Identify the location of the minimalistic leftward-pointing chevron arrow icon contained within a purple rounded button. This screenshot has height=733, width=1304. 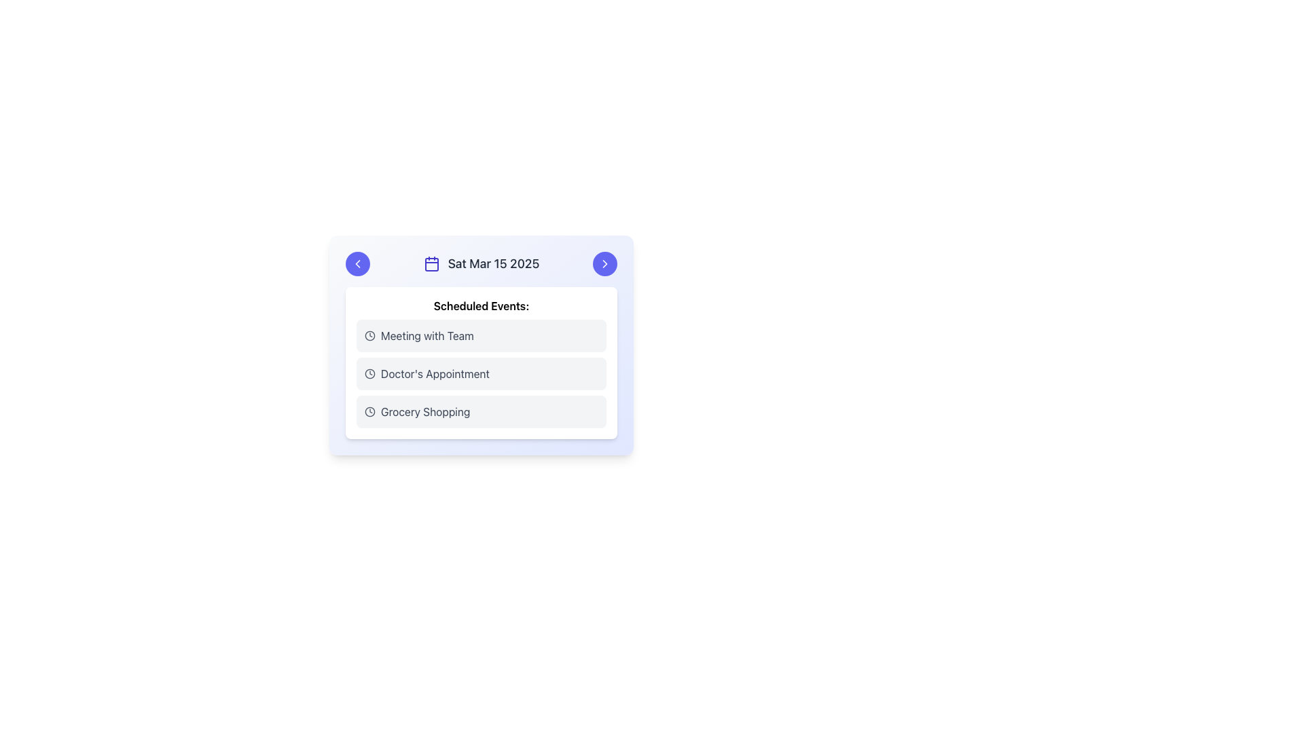
(358, 264).